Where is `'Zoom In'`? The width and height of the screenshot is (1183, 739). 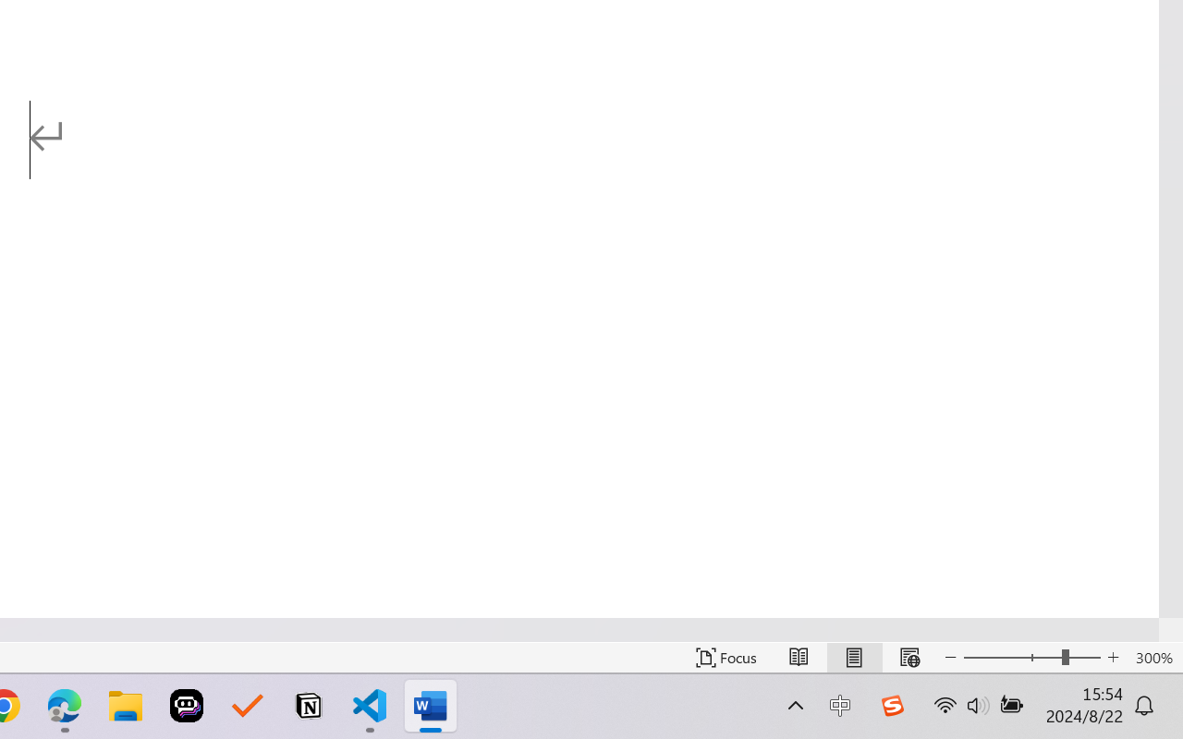
'Zoom In' is located at coordinates (1113, 657).